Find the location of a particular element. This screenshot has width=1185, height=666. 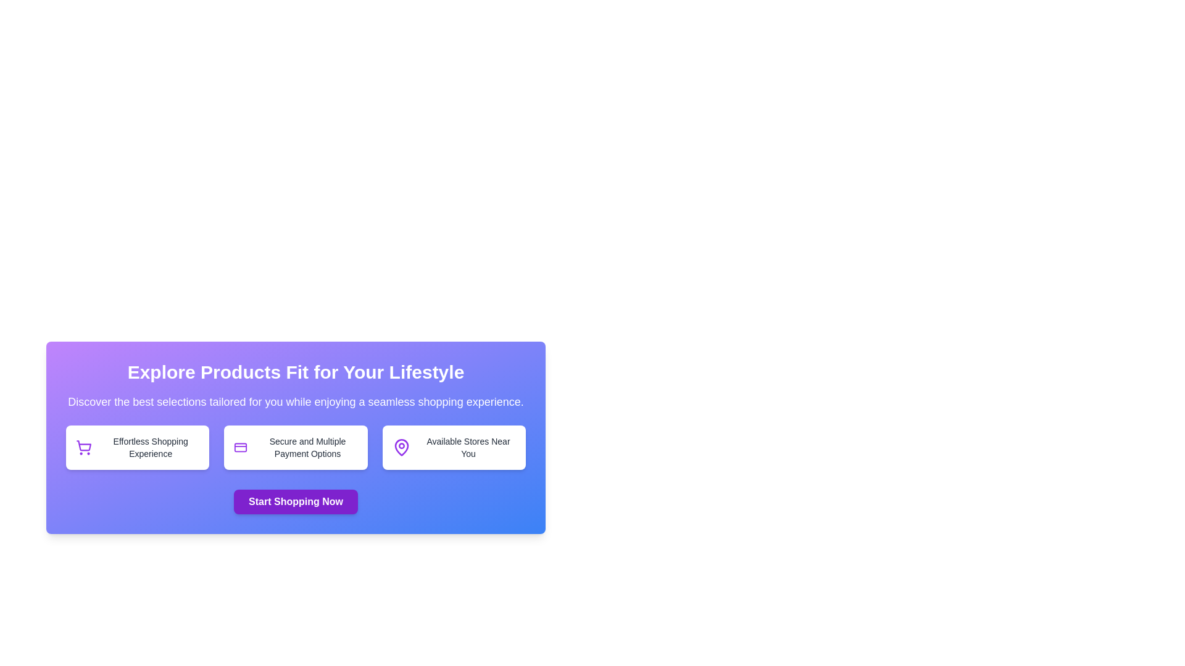

the text element that reads 'Discover the best selections tailored for you while enjoying a seamless shopping experience.' located below the heading 'Explore Products Fit for Your Lifestyle' to possibly reveal additional interactions is located at coordinates (295, 401).